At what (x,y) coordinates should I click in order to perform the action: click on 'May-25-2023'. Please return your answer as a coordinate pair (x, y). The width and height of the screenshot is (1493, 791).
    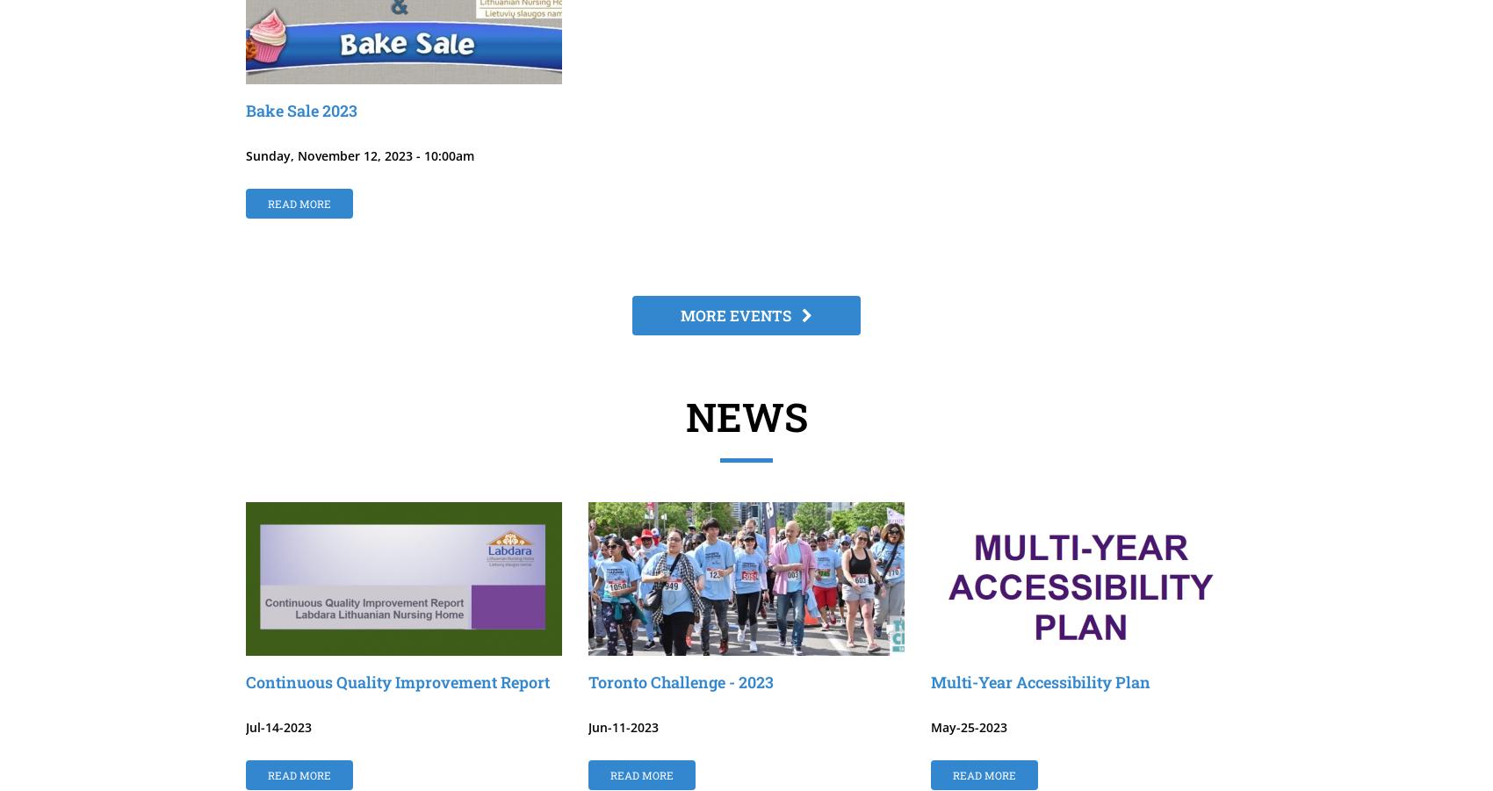
    Looking at the image, I should click on (929, 727).